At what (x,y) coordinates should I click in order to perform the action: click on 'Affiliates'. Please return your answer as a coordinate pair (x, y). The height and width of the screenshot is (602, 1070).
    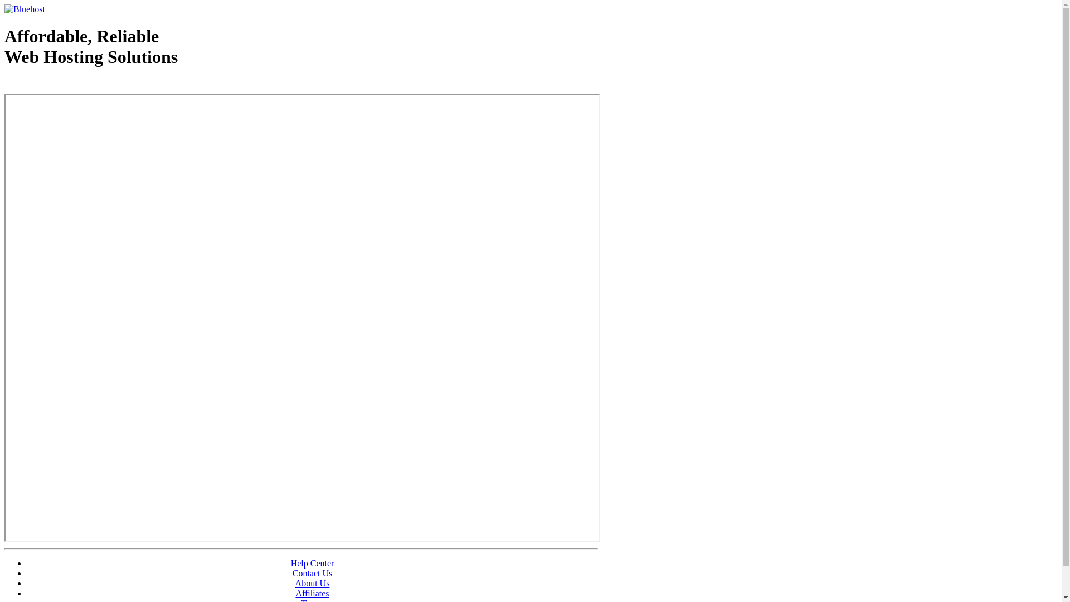
    Looking at the image, I should click on (295, 593).